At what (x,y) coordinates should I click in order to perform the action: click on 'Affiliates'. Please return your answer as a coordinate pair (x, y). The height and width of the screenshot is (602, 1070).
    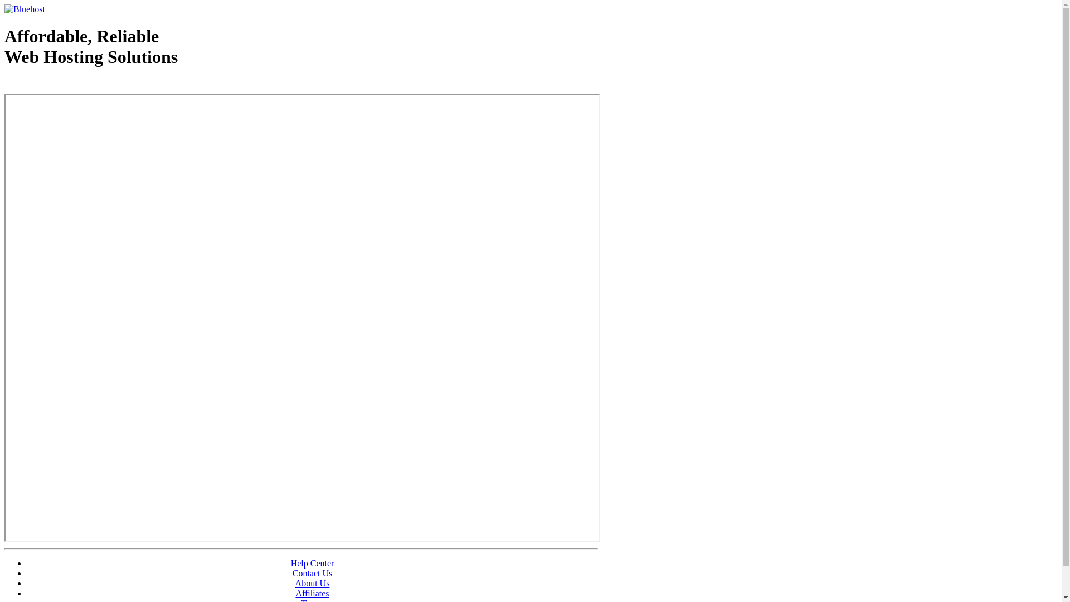
    Looking at the image, I should click on (295, 593).